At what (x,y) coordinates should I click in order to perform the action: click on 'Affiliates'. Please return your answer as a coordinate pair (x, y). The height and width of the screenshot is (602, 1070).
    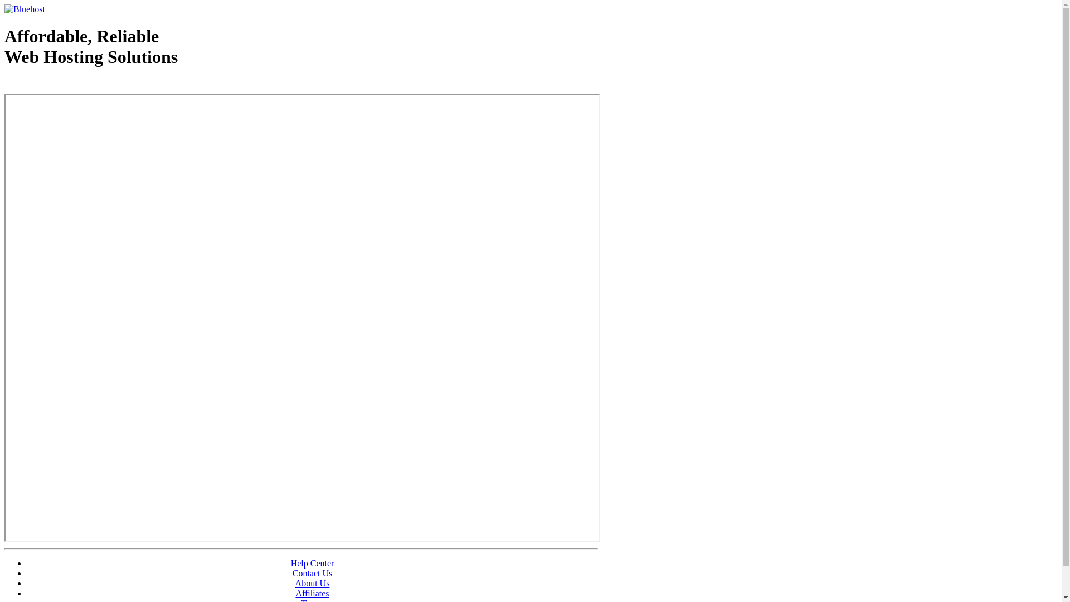
    Looking at the image, I should click on (295, 593).